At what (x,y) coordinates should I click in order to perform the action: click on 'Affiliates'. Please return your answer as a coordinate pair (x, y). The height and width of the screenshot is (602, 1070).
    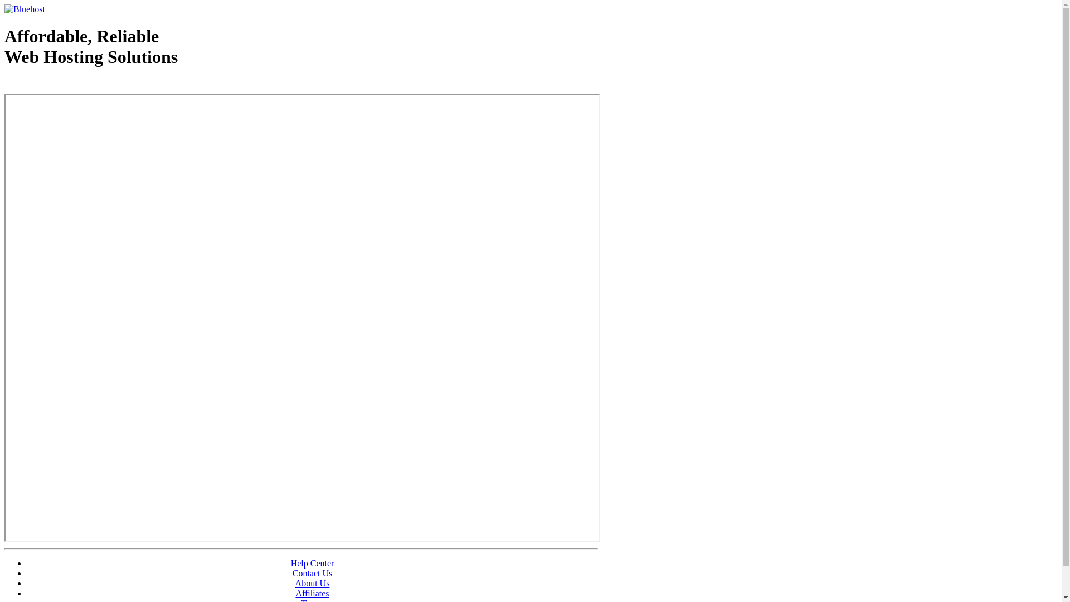
    Looking at the image, I should click on (295, 593).